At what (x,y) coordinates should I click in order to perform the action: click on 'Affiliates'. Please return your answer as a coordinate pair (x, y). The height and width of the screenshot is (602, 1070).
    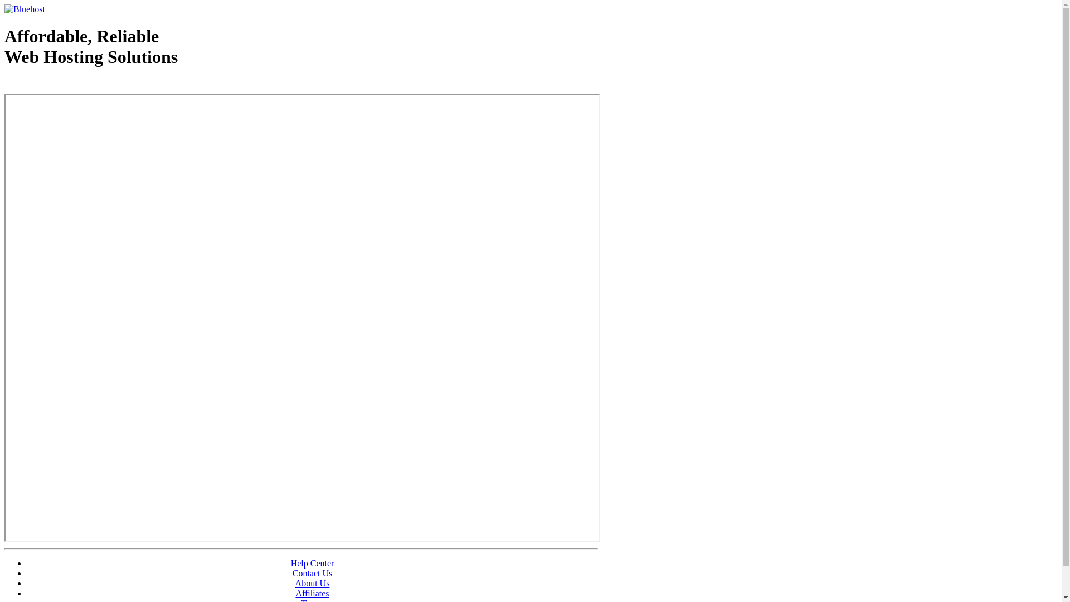
    Looking at the image, I should click on (295, 593).